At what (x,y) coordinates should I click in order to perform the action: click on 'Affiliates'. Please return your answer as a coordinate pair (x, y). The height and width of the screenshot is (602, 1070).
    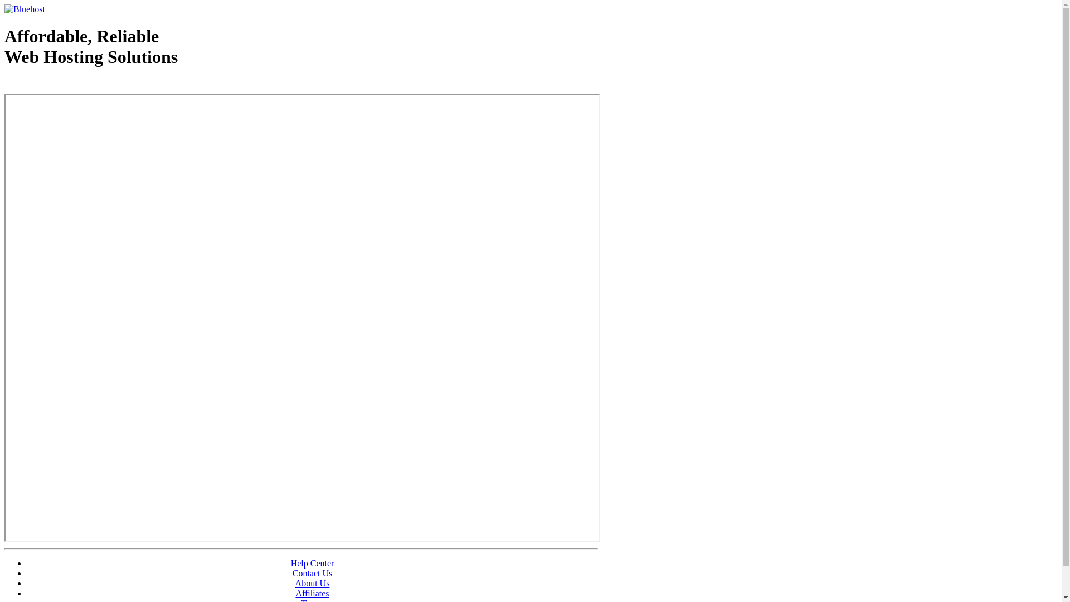
    Looking at the image, I should click on (295, 593).